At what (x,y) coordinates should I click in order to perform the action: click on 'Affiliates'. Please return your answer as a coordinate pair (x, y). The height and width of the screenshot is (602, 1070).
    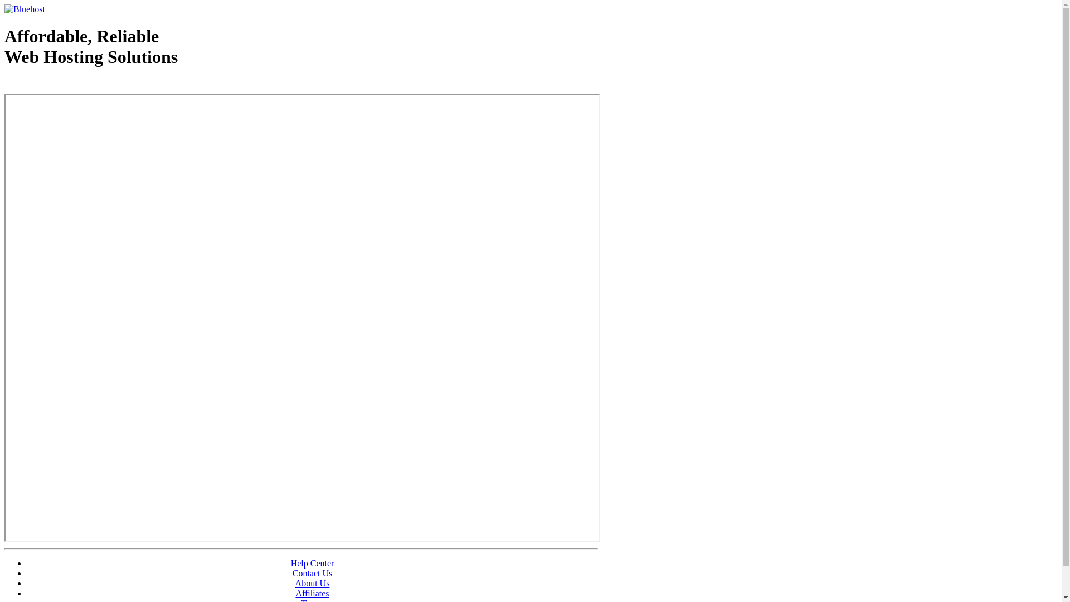
    Looking at the image, I should click on (295, 593).